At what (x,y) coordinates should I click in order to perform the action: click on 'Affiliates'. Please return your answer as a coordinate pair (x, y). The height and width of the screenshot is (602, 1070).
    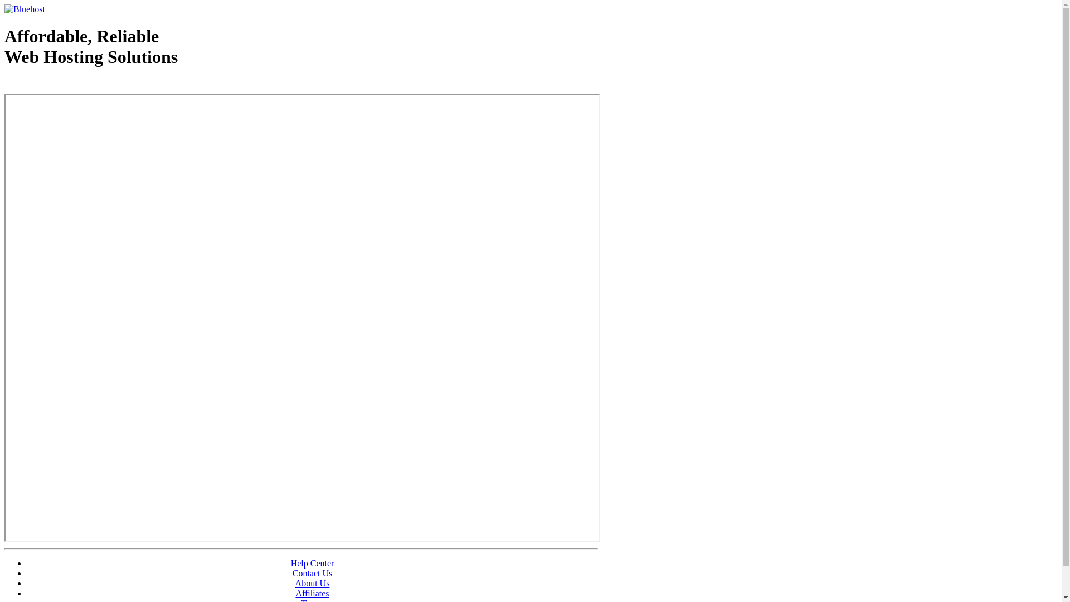
    Looking at the image, I should click on (295, 593).